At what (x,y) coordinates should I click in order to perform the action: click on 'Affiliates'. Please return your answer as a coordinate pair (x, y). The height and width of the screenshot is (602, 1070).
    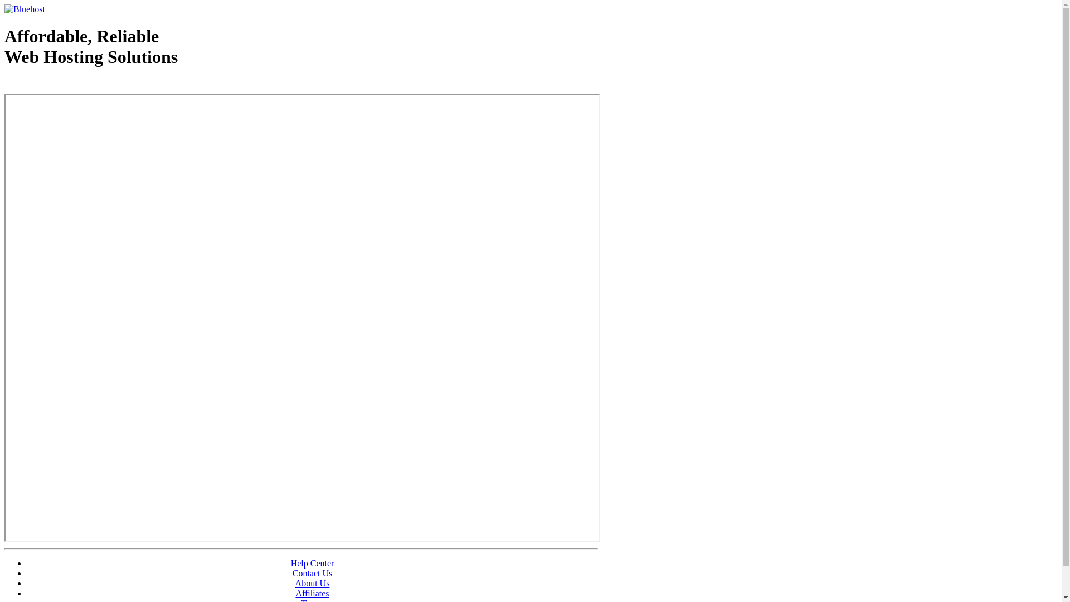
    Looking at the image, I should click on (295, 593).